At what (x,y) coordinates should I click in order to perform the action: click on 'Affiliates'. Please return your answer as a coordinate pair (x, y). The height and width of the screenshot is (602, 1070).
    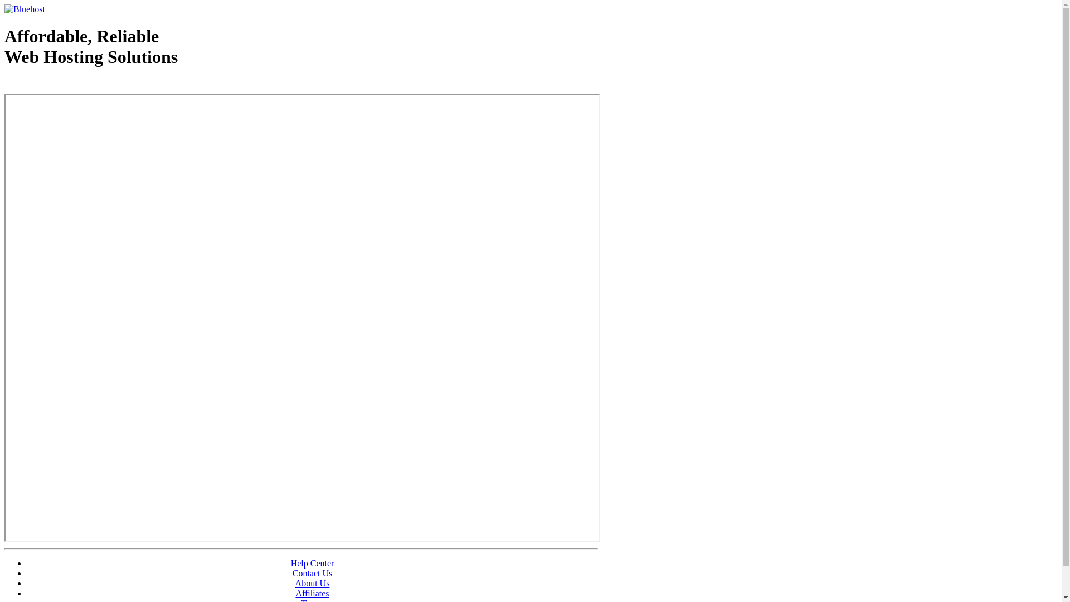
    Looking at the image, I should click on (295, 593).